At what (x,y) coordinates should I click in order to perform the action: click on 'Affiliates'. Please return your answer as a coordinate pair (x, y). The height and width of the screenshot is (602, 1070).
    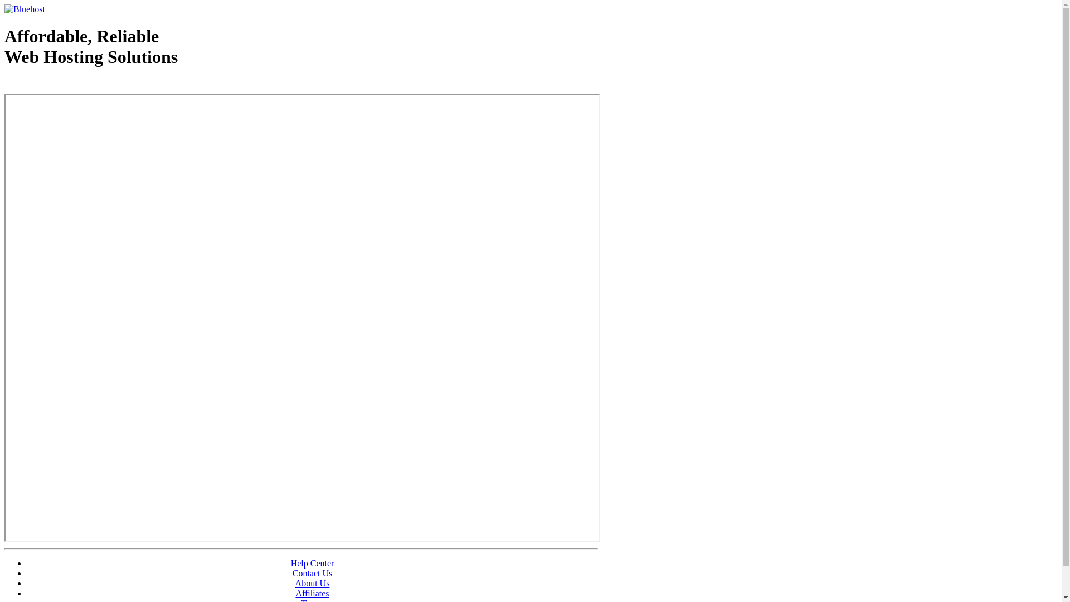
    Looking at the image, I should click on (295, 593).